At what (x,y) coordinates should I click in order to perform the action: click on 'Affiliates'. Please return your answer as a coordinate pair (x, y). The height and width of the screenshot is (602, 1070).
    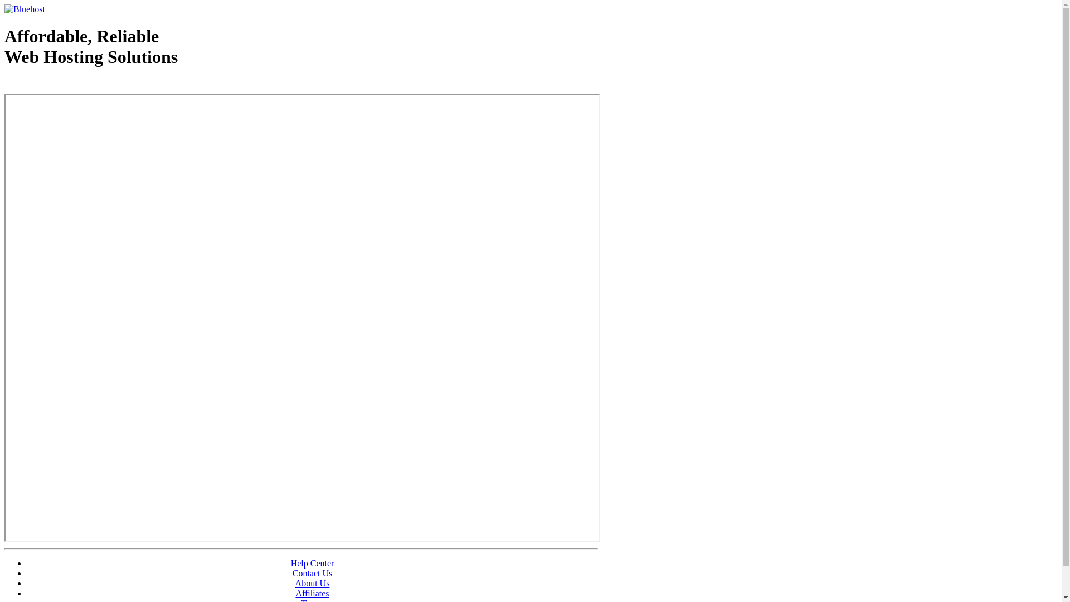
    Looking at the image, I should click on (295, 593).